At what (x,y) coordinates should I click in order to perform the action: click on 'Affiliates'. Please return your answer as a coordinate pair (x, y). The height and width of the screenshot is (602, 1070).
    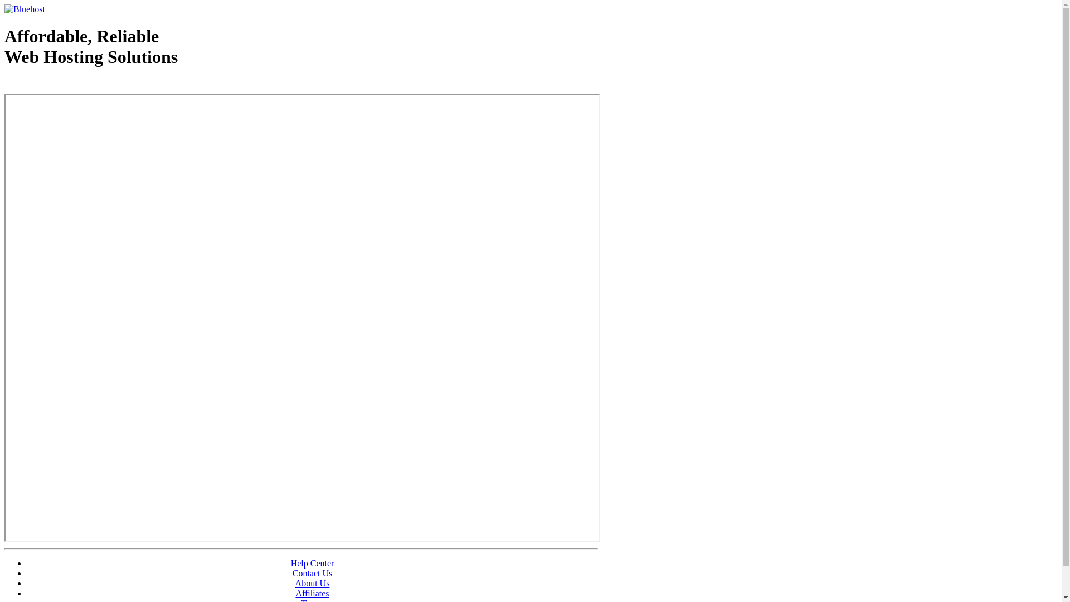
    Looking at the image, I should click on (295, 593).